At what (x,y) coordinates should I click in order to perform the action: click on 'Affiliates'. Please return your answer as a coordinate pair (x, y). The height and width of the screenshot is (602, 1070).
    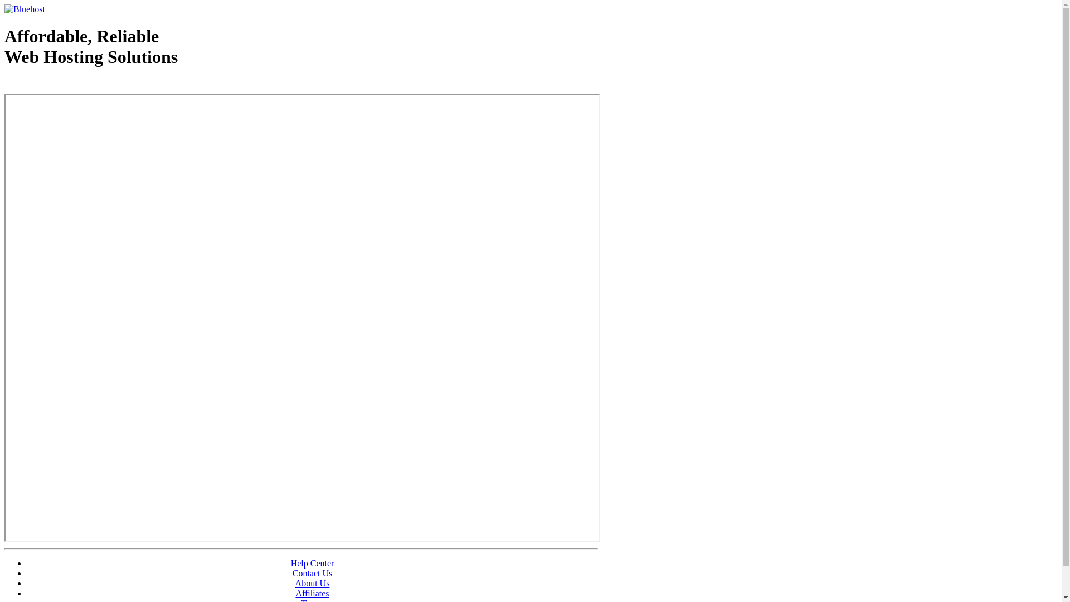
    Looking at the image, I should click on (295, 593).